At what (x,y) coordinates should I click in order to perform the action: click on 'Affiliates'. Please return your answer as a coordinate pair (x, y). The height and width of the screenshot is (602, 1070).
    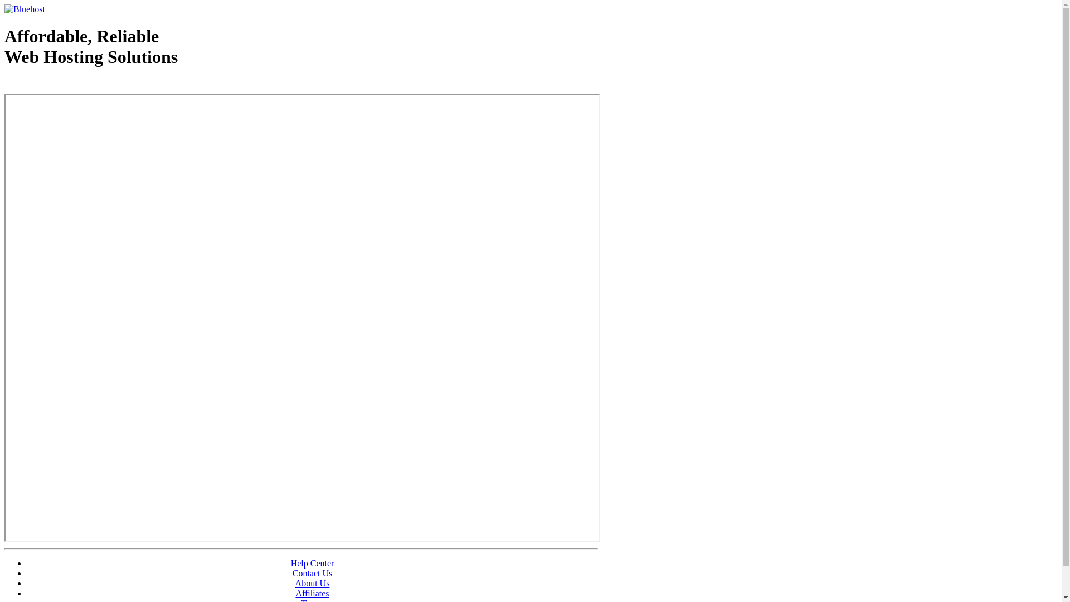
    Looking at the image, I should click on (295, 593).